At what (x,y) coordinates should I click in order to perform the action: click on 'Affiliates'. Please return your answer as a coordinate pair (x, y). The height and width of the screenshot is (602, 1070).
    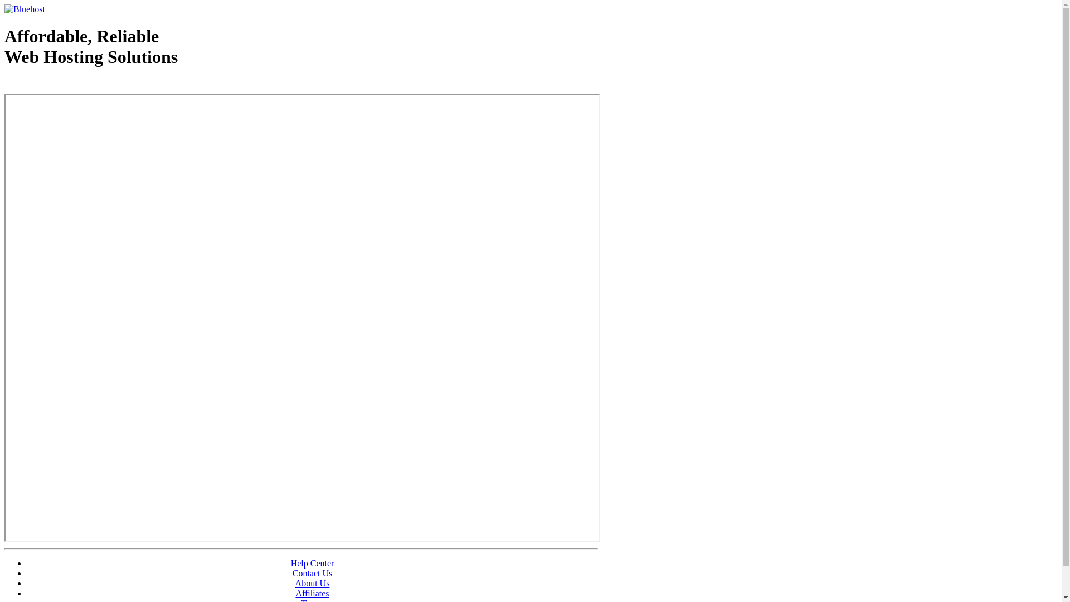
    Looking at the image, I should click on (295, 593).